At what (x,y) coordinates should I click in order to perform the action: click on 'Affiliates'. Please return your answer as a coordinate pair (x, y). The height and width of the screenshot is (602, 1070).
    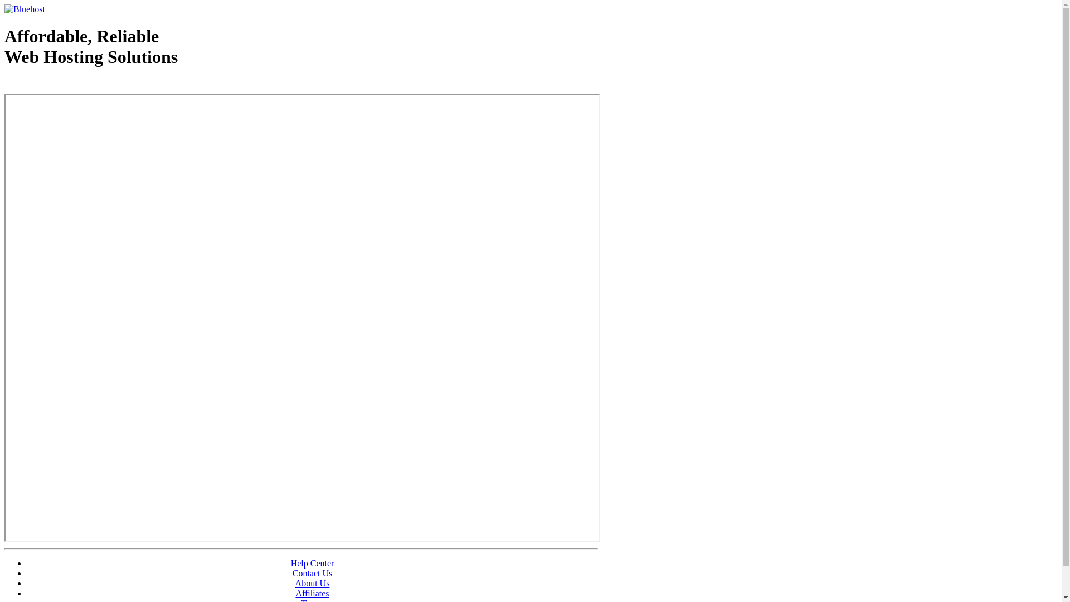
    Looking at the image, I should click on (295, 593).